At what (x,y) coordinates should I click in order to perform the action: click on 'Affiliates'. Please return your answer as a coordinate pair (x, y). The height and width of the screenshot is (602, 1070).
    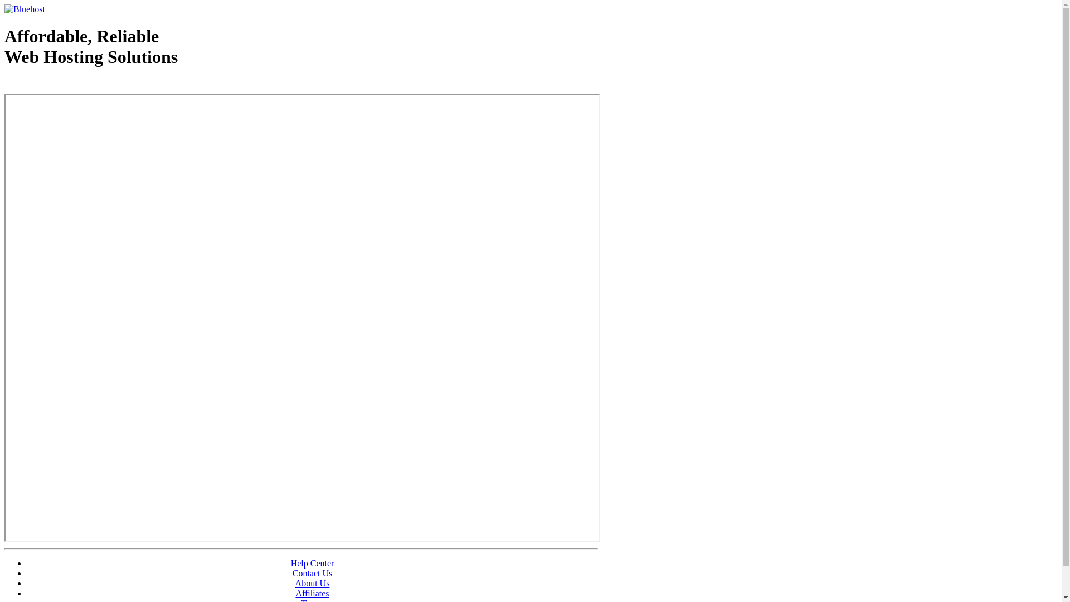
    Looking at the image, I should click on (295, 593).